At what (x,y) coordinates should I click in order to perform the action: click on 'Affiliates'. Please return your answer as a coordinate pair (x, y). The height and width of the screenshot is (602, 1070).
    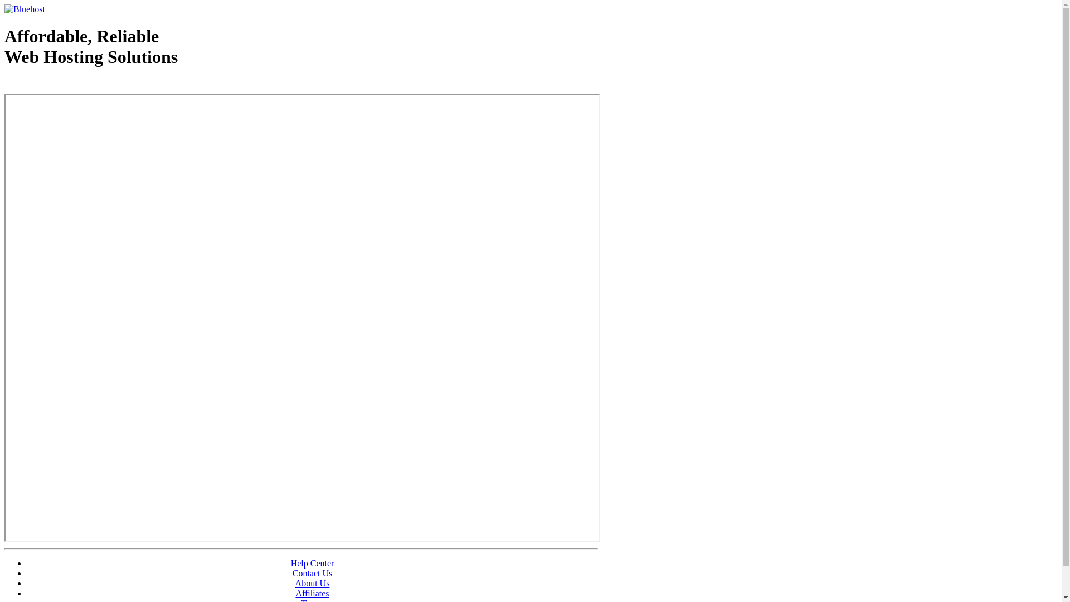
    Looking at the image, I should click on (295, 593).